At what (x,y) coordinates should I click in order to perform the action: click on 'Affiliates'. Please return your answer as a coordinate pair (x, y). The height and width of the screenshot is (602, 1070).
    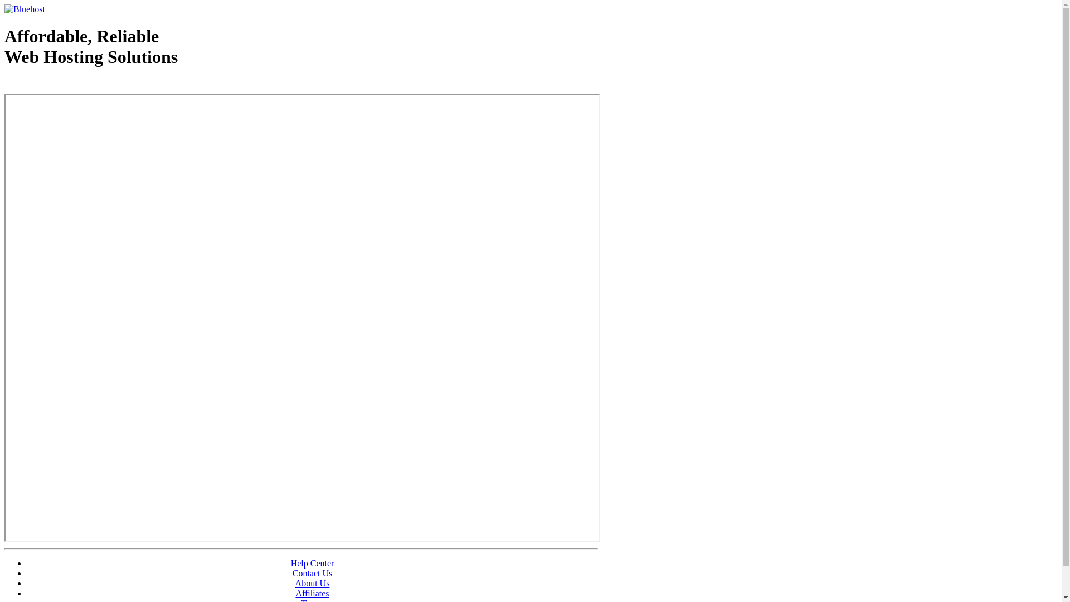
    Looking at the image, I should click on (295, 593).